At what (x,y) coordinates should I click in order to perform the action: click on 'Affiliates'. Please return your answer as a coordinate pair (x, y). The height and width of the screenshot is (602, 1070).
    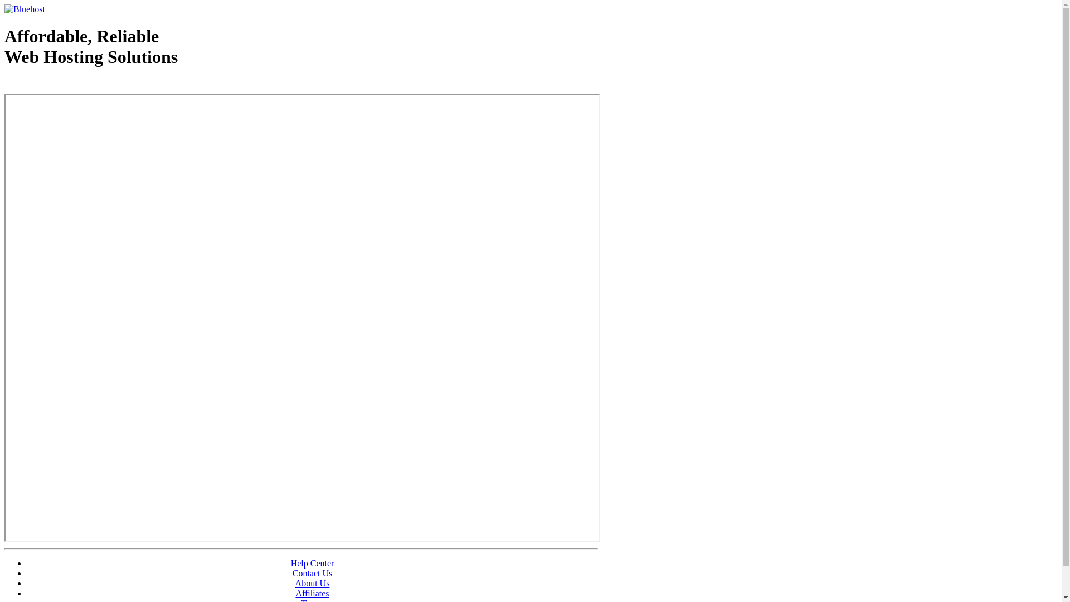
    Looking at the image, I should click on (295, 593).